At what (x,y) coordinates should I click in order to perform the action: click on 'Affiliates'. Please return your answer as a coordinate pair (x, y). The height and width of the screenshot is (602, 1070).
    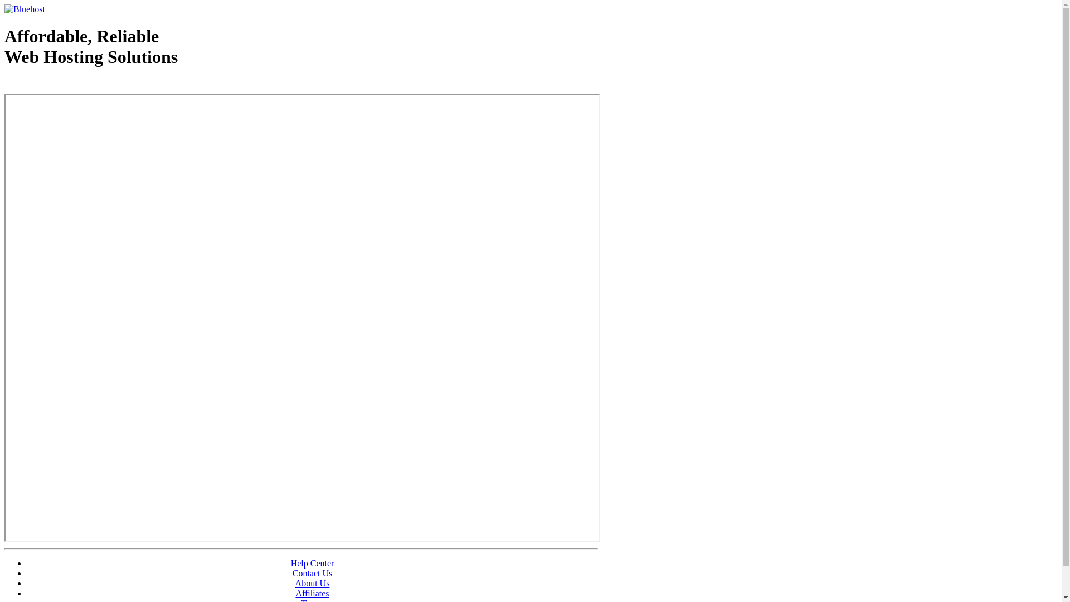
    Looking at the image, I should click on (295, 593).